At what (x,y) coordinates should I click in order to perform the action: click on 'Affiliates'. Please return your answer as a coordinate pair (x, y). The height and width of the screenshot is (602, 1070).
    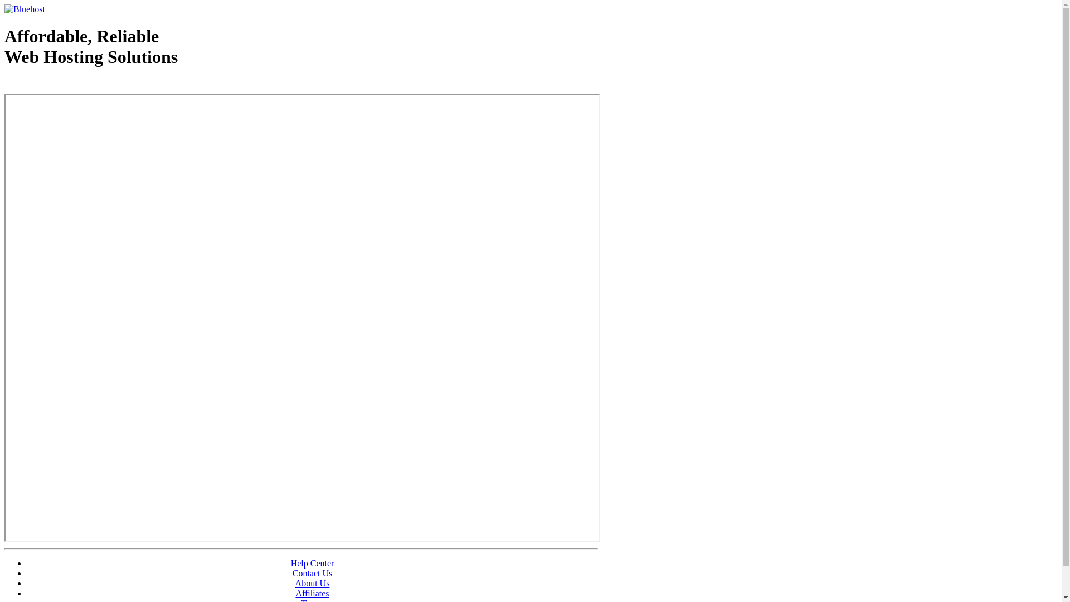
    Looking at the image, I should click on (295, 593).